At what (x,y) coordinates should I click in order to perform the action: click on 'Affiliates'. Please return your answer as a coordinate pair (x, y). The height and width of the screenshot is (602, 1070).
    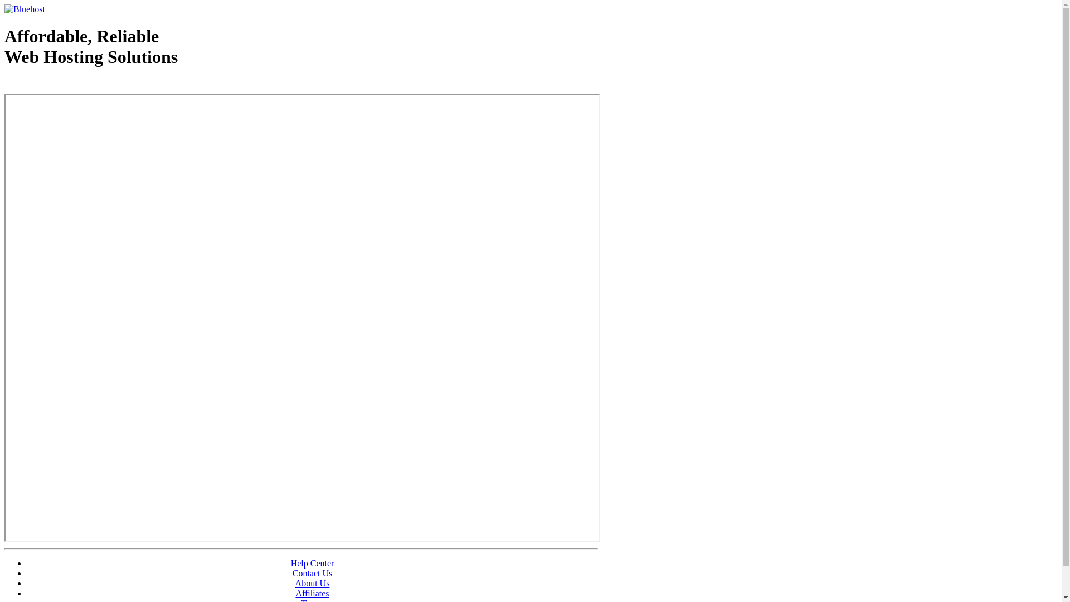
    Looking at the image, I should click on (295, 593).